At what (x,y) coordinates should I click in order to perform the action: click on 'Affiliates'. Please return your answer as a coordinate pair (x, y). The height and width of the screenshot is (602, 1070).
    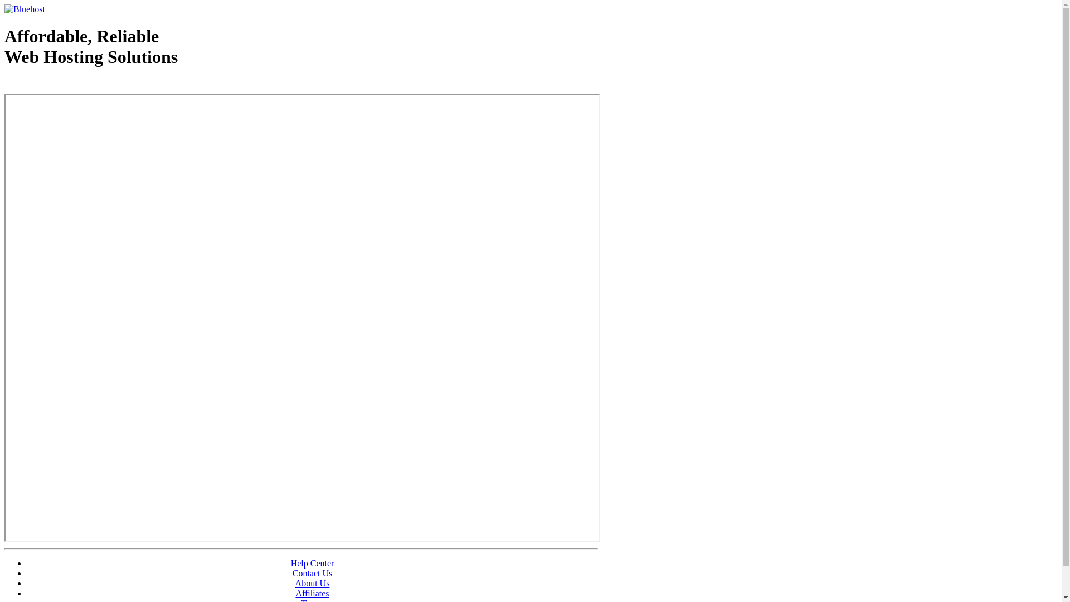
    Looking at the image, I should click on (295, 593).